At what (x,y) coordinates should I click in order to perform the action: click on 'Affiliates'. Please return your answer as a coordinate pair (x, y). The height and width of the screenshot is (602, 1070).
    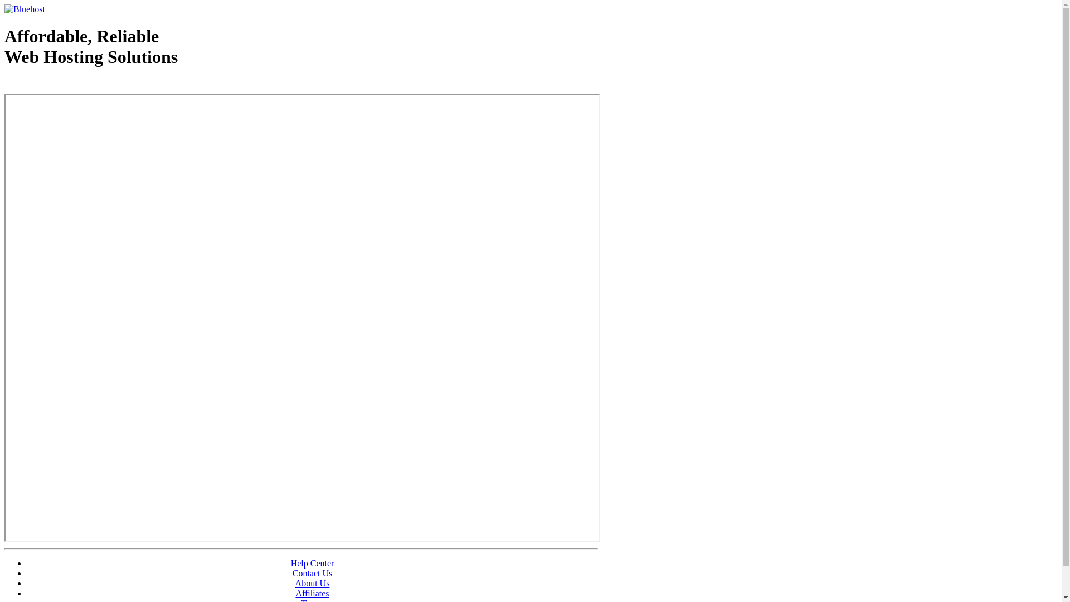
    Looking at the image, I should click on (295, 593).